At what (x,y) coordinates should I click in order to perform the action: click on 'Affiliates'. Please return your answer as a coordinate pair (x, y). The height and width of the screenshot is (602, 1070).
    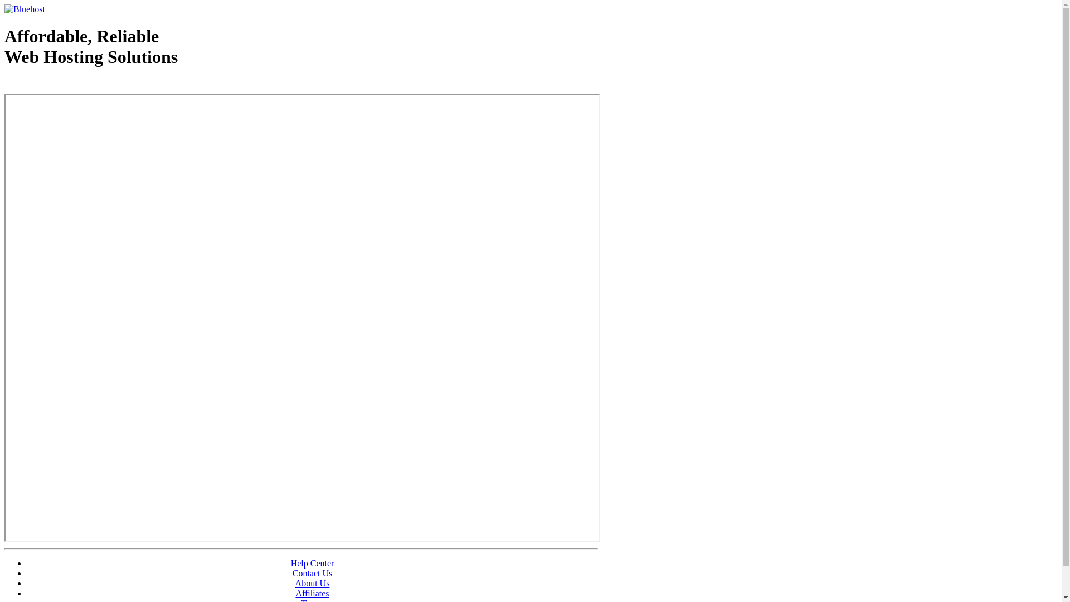
    Looking at the image, I should click on (295, 593).